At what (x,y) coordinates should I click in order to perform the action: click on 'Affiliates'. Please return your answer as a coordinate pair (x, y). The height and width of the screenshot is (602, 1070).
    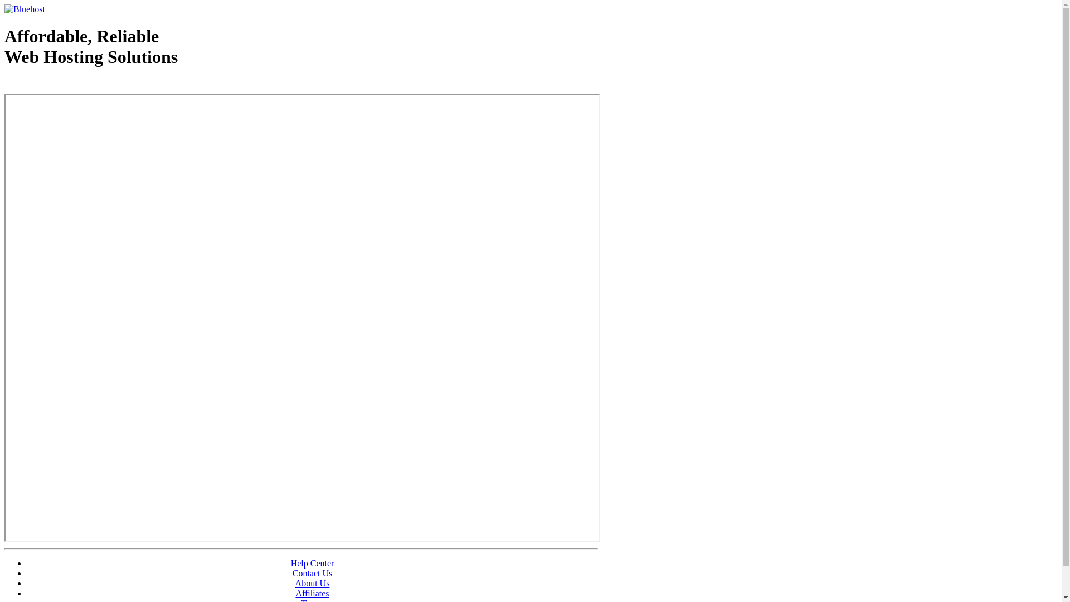
    Looking at the image, I should click on (295, 593).